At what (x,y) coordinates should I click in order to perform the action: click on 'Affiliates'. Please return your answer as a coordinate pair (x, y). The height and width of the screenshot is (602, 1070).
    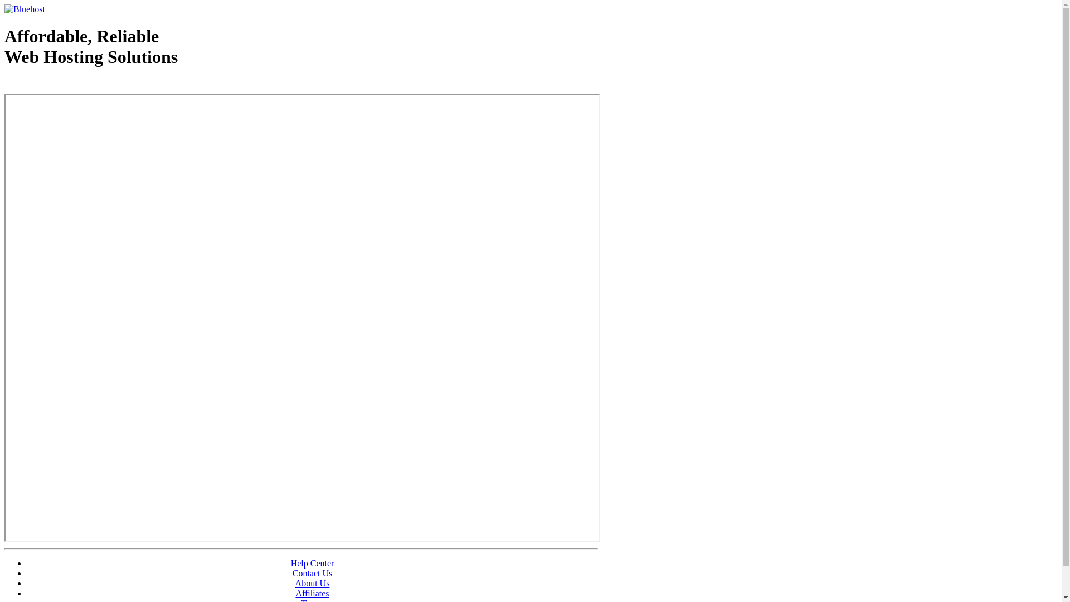
    Looking at the image, I should click on (295, 593).